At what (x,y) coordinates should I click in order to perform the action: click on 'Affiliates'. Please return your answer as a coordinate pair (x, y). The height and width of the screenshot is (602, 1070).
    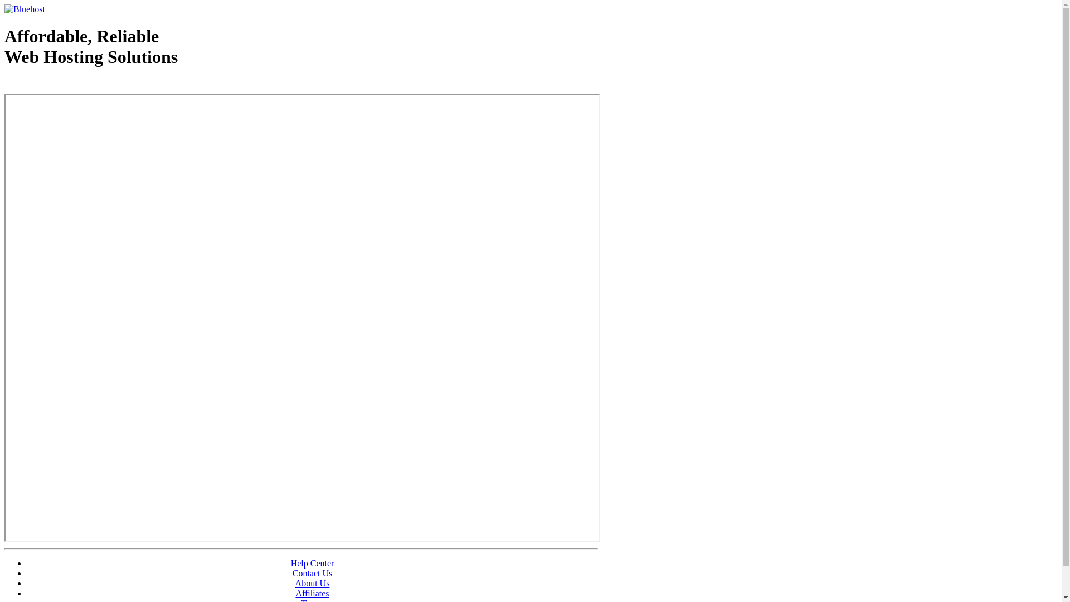
    Looking at the image, I should click on (295, 593).